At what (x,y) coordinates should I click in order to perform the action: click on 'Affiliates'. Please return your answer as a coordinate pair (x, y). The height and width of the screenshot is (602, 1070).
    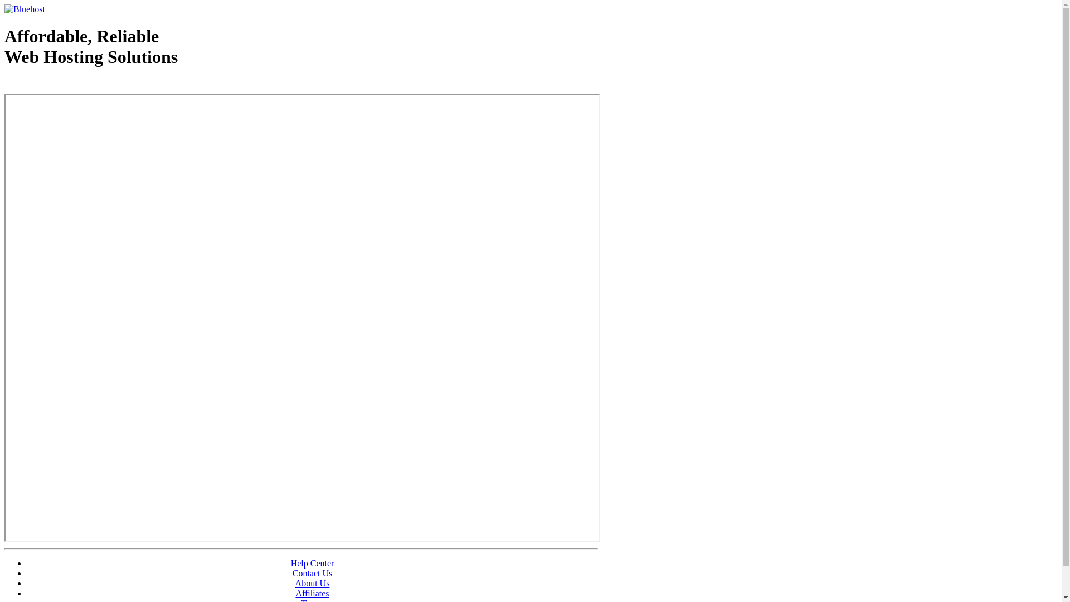
    Looking at the image, I should click on (295, 593).